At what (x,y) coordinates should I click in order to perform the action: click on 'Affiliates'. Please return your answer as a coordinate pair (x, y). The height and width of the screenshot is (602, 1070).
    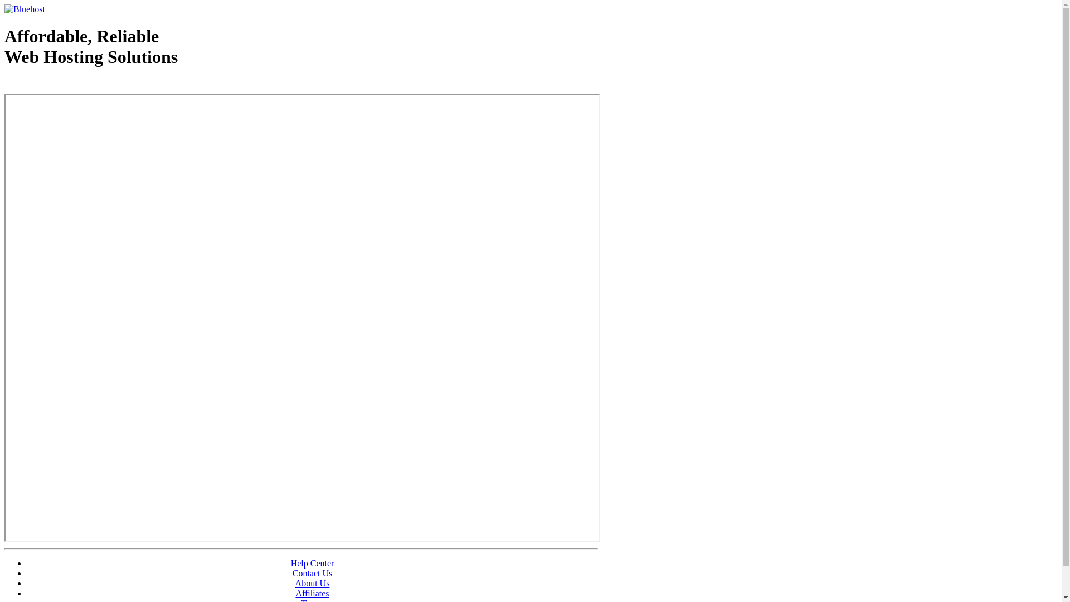
    Looking at the image, I should click on (295, 593).